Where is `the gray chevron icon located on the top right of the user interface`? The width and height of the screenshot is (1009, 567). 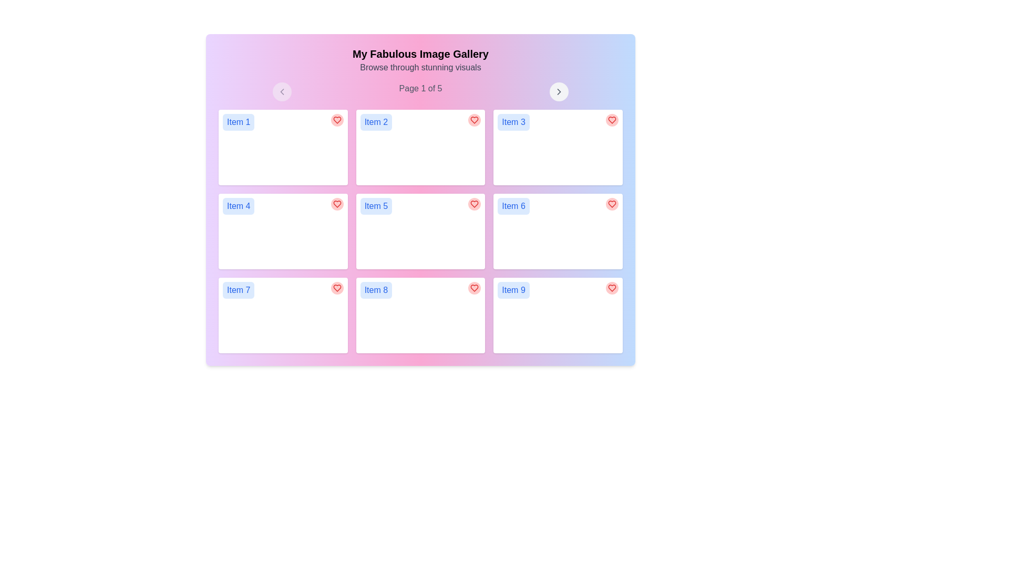 the gray chevron icon located on the top right of the user interface is located at coordinates (559, 91).